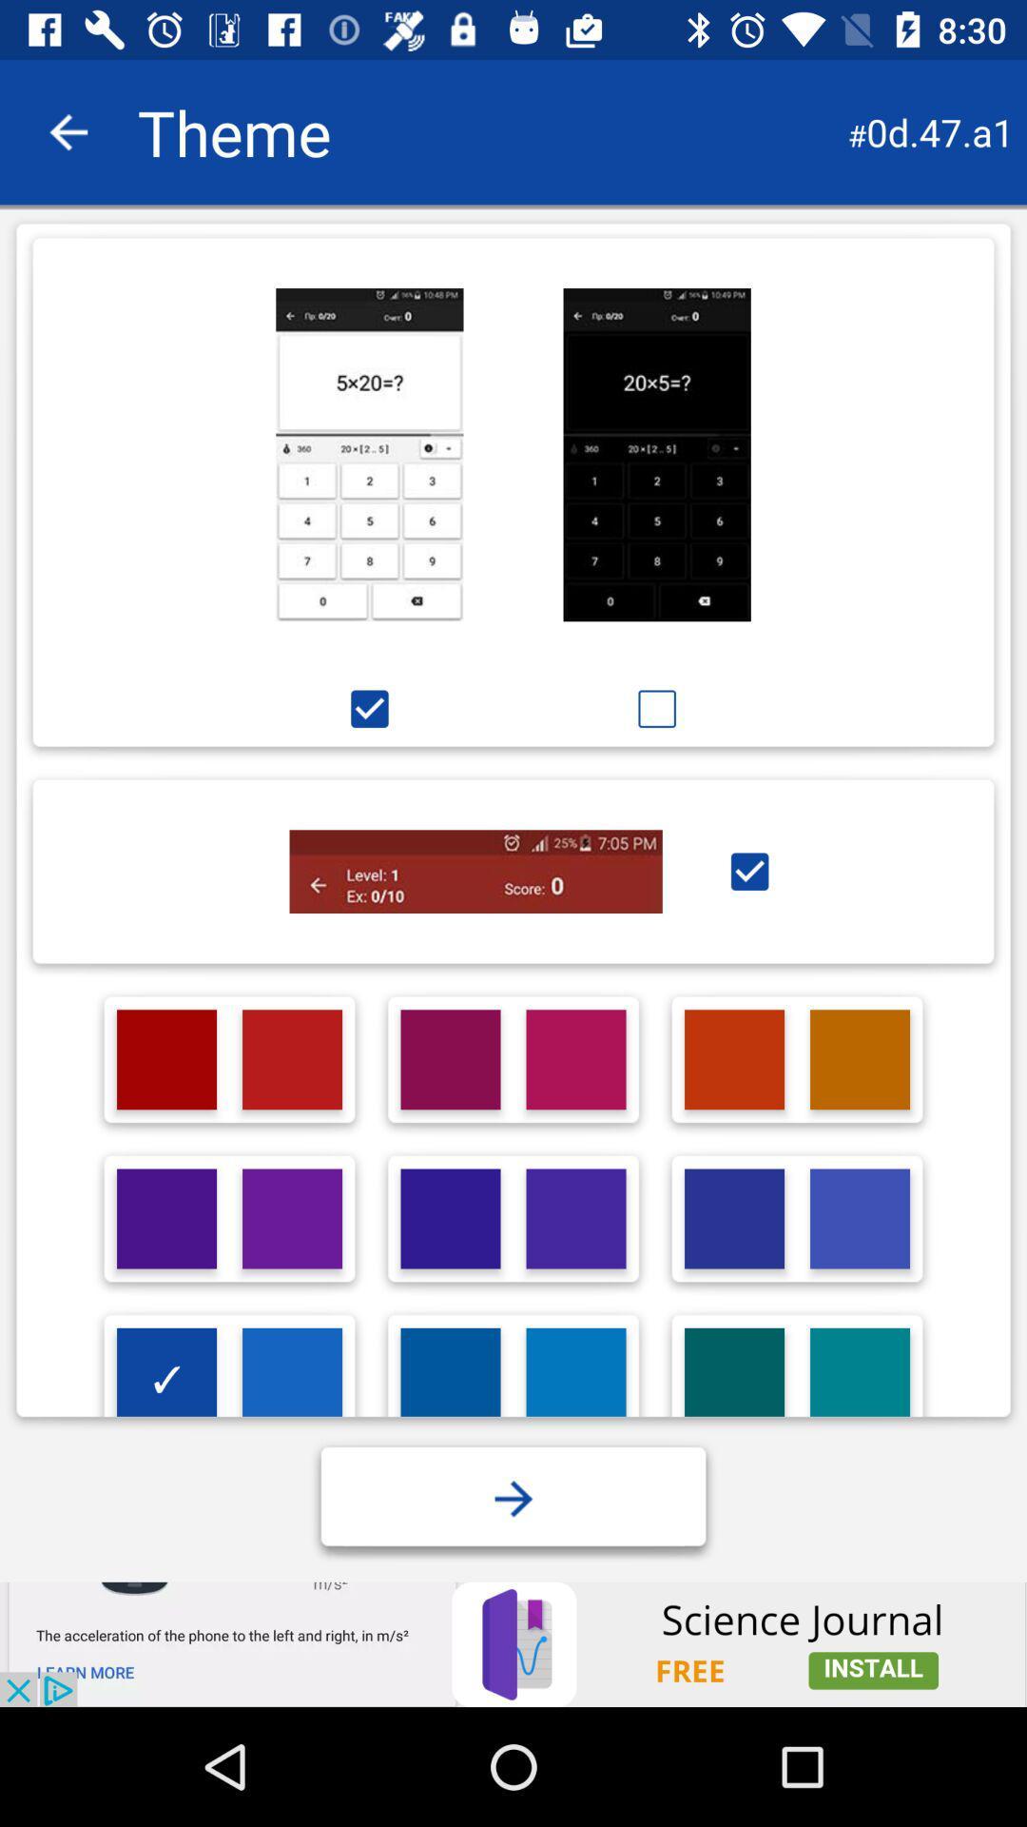 This screenshot has width=1027, height=1827. I want to click on calculator, so click(369, 454).